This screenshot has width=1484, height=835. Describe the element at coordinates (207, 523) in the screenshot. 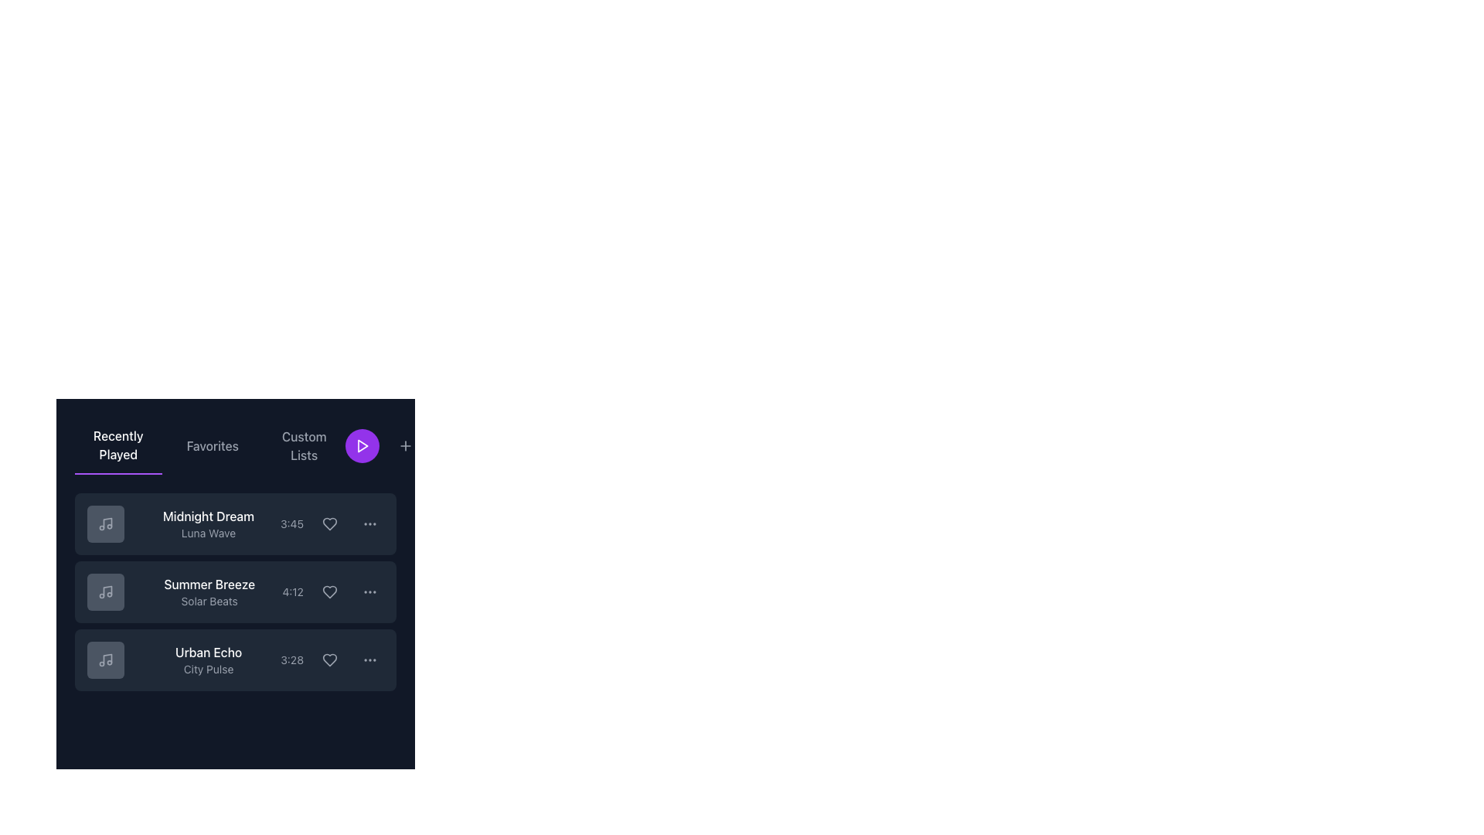

I see `the title and subtitle text label of a media item located centrally to the right of the music note icon within the recently played card` at that location.